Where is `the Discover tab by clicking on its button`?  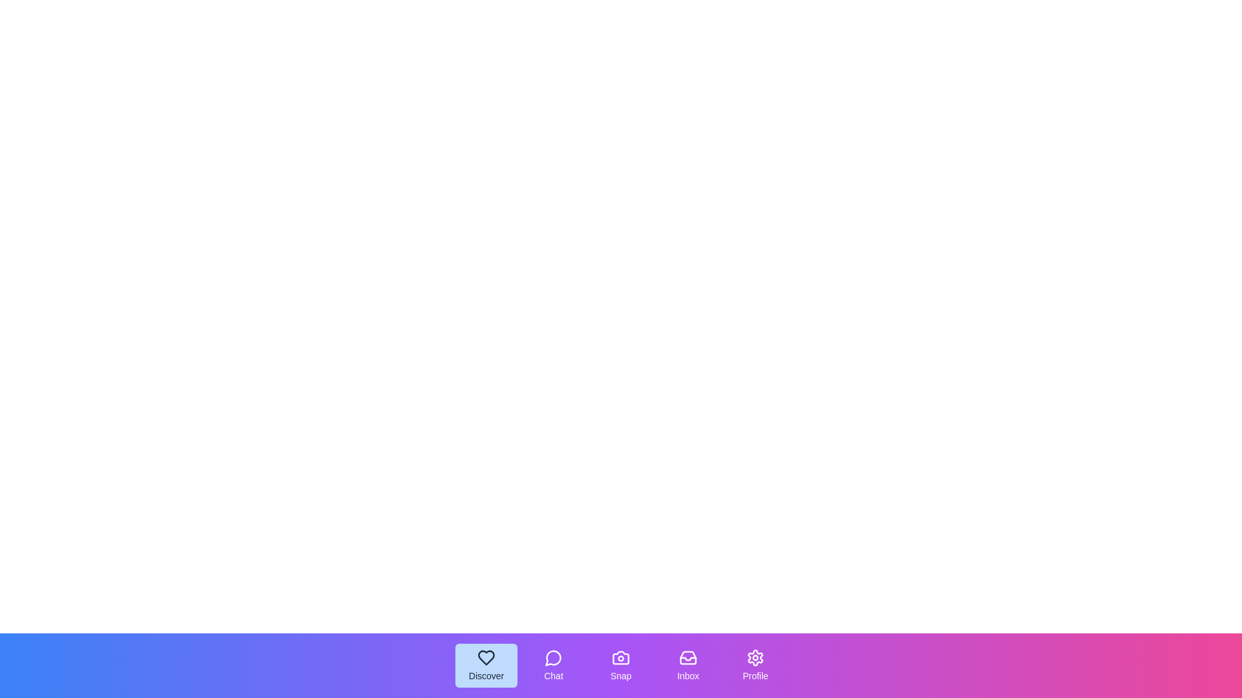 the Discover tab by clicking on its button is located at coordinates (486, 665).